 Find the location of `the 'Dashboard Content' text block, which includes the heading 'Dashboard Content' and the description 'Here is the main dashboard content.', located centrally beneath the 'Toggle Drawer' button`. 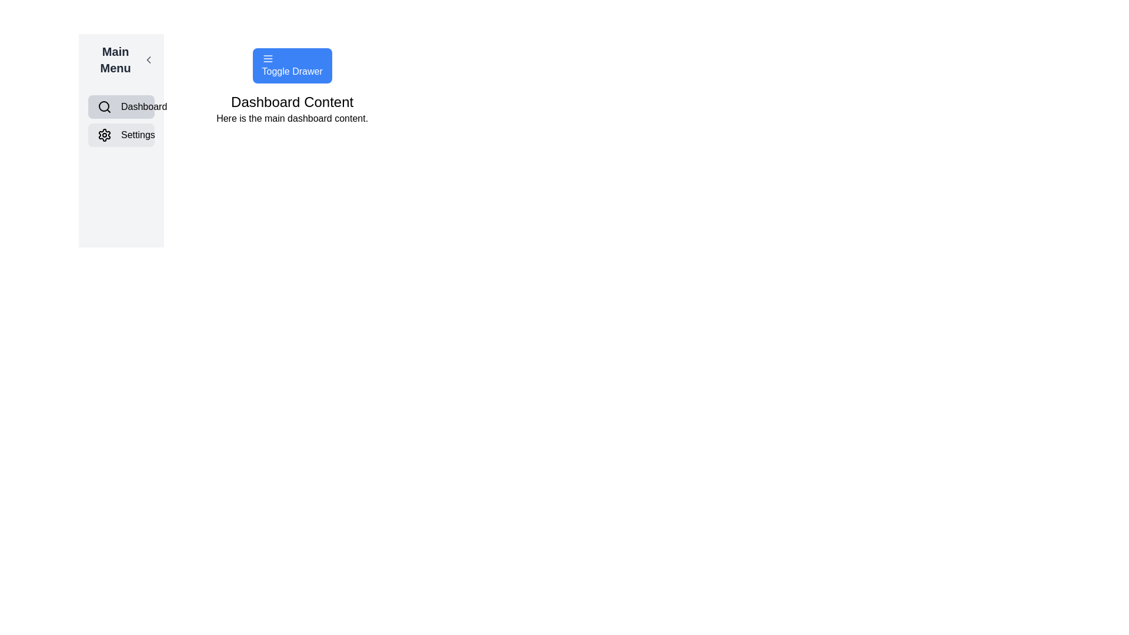

the 'Dashboard Content' text block, which includes the heading 'Dashboard Content' and the description 'Here is the main dashboard content.', located centrally beneath the 'Toggle Drawer' button is located at coordinates (292, 109).